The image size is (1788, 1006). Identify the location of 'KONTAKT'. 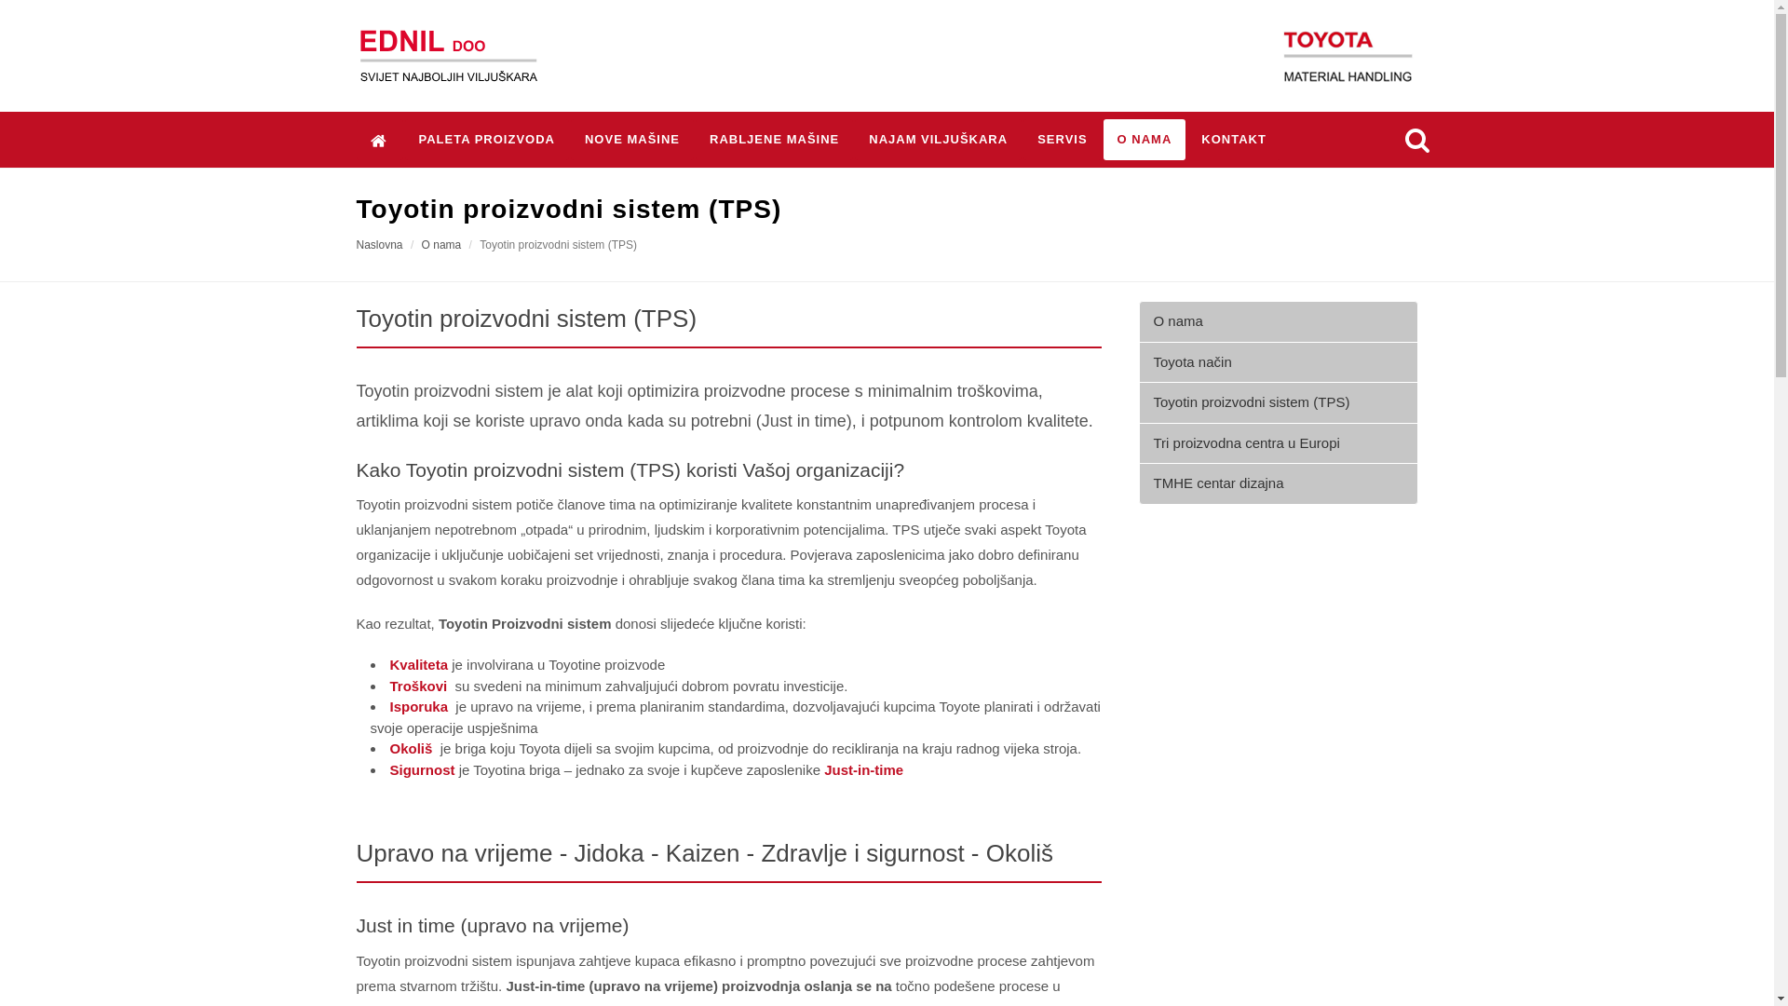
(1233, 139).